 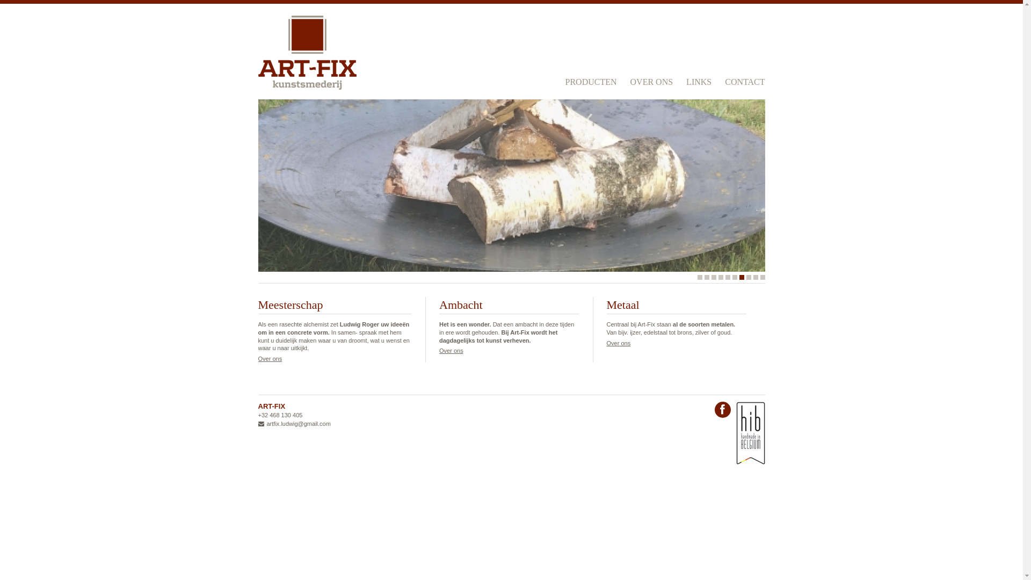 I want to click on '8', so click(x=748, y=277).